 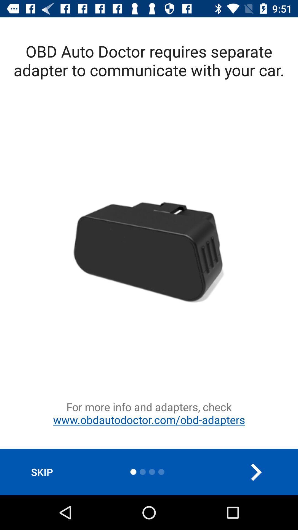 I want to click on next page, so click(x=256, y=472).